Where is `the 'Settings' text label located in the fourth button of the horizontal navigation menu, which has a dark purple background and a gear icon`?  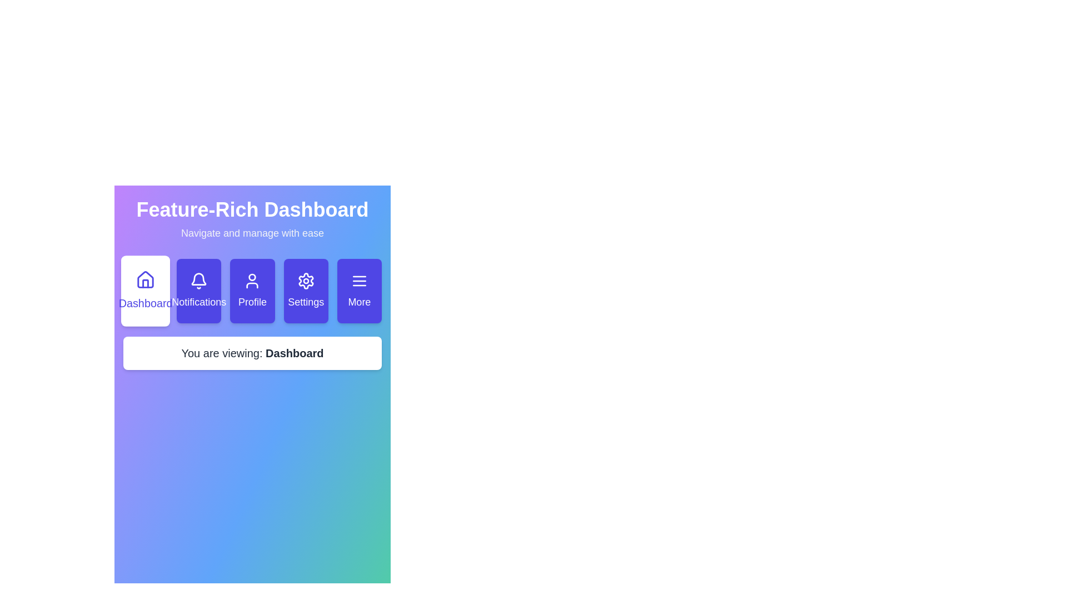 the 'Settings' text label located in the fourth button of the horizontal navigation menu, which has a dark purple background and a gear icon is located at coordinates (306, 302).